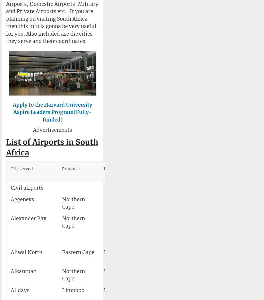 This screenshot has width=264, height=300. Describe the element at coordinates (249, 172) in the screenshot. I see `'Elev. (ft)'` at that location.